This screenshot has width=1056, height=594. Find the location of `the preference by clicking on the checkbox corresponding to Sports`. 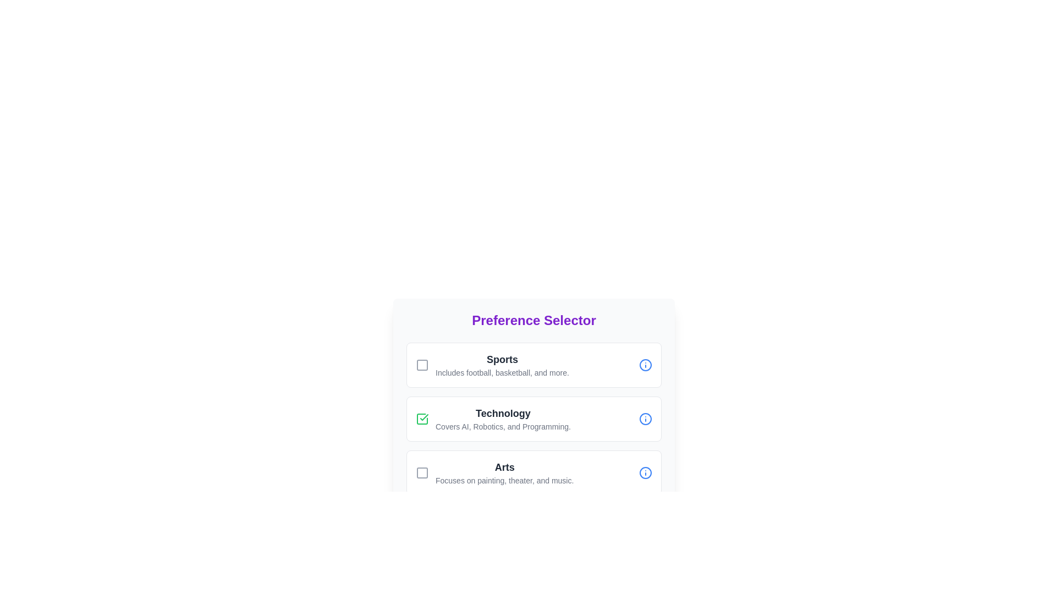

the preference by clicking on the checkbox corresponding to Sports is located at coordinates (422, 365).